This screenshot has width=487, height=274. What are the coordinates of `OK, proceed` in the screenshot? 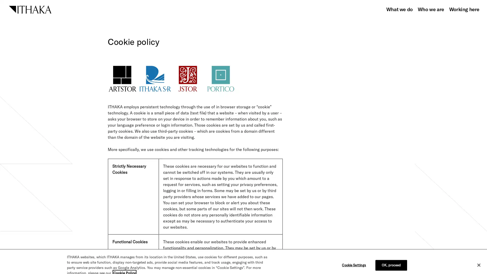 It's located at (391, 257).